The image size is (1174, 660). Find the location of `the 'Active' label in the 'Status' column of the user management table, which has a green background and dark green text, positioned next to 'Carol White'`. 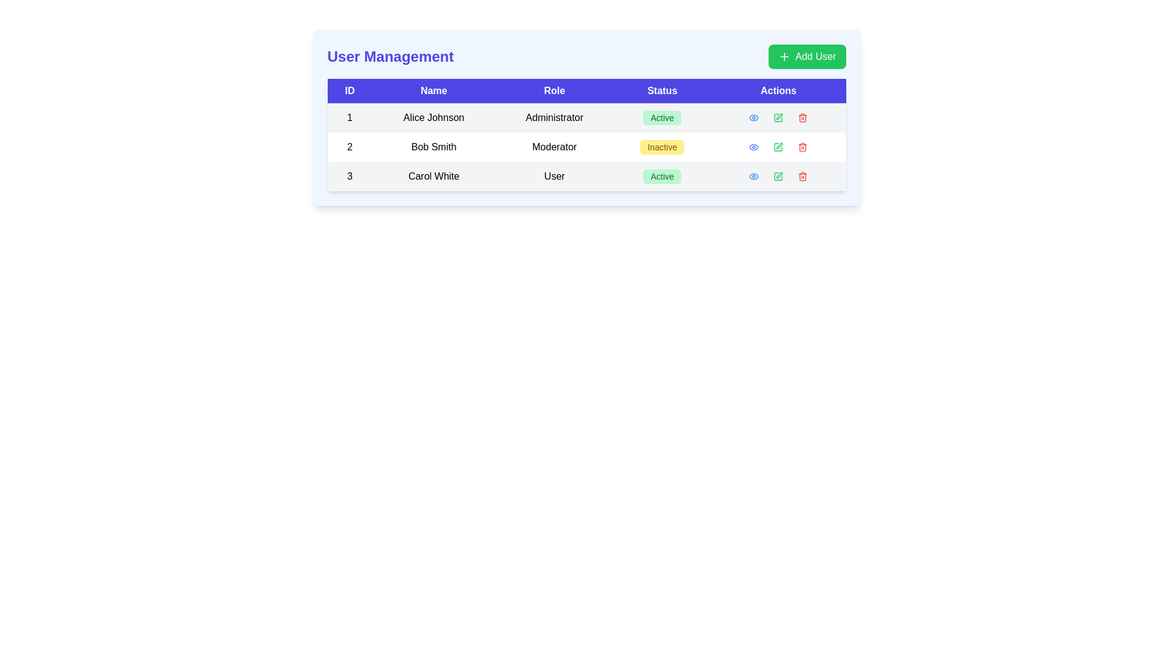

the 'Active' label in the 'Status' column of the user management table, which has a green background and dark green text, positioned next to 'Carol White' is located at coordinates (662, 177).